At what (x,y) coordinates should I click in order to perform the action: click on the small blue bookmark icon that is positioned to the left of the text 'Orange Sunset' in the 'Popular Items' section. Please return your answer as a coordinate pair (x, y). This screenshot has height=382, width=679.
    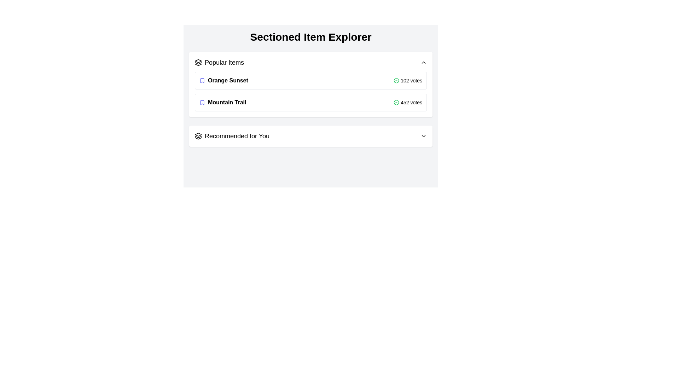
    Looking at the image, I should click on (202, 80).